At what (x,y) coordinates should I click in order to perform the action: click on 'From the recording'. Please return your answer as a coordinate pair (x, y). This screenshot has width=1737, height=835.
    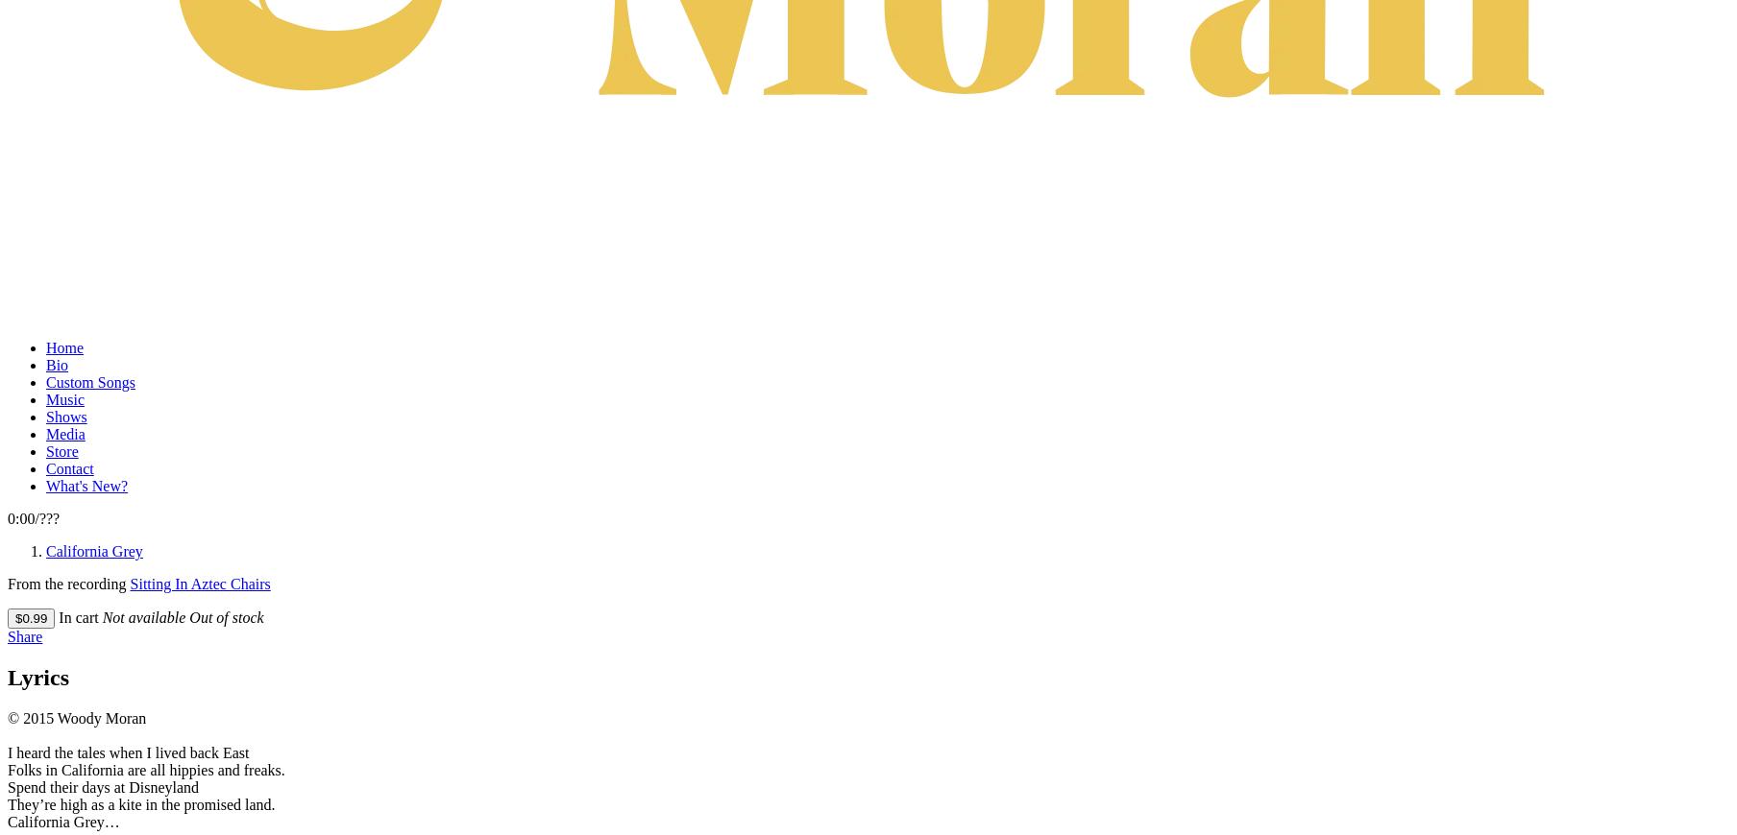
    Looking at the image, I should click on (68, 582).